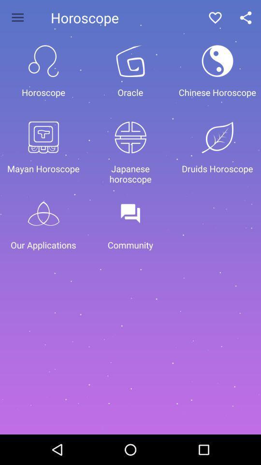 The height and width of the screenshot is (465, 261). I want to click on icon to the left of horoscope icon, so click(17, 17).